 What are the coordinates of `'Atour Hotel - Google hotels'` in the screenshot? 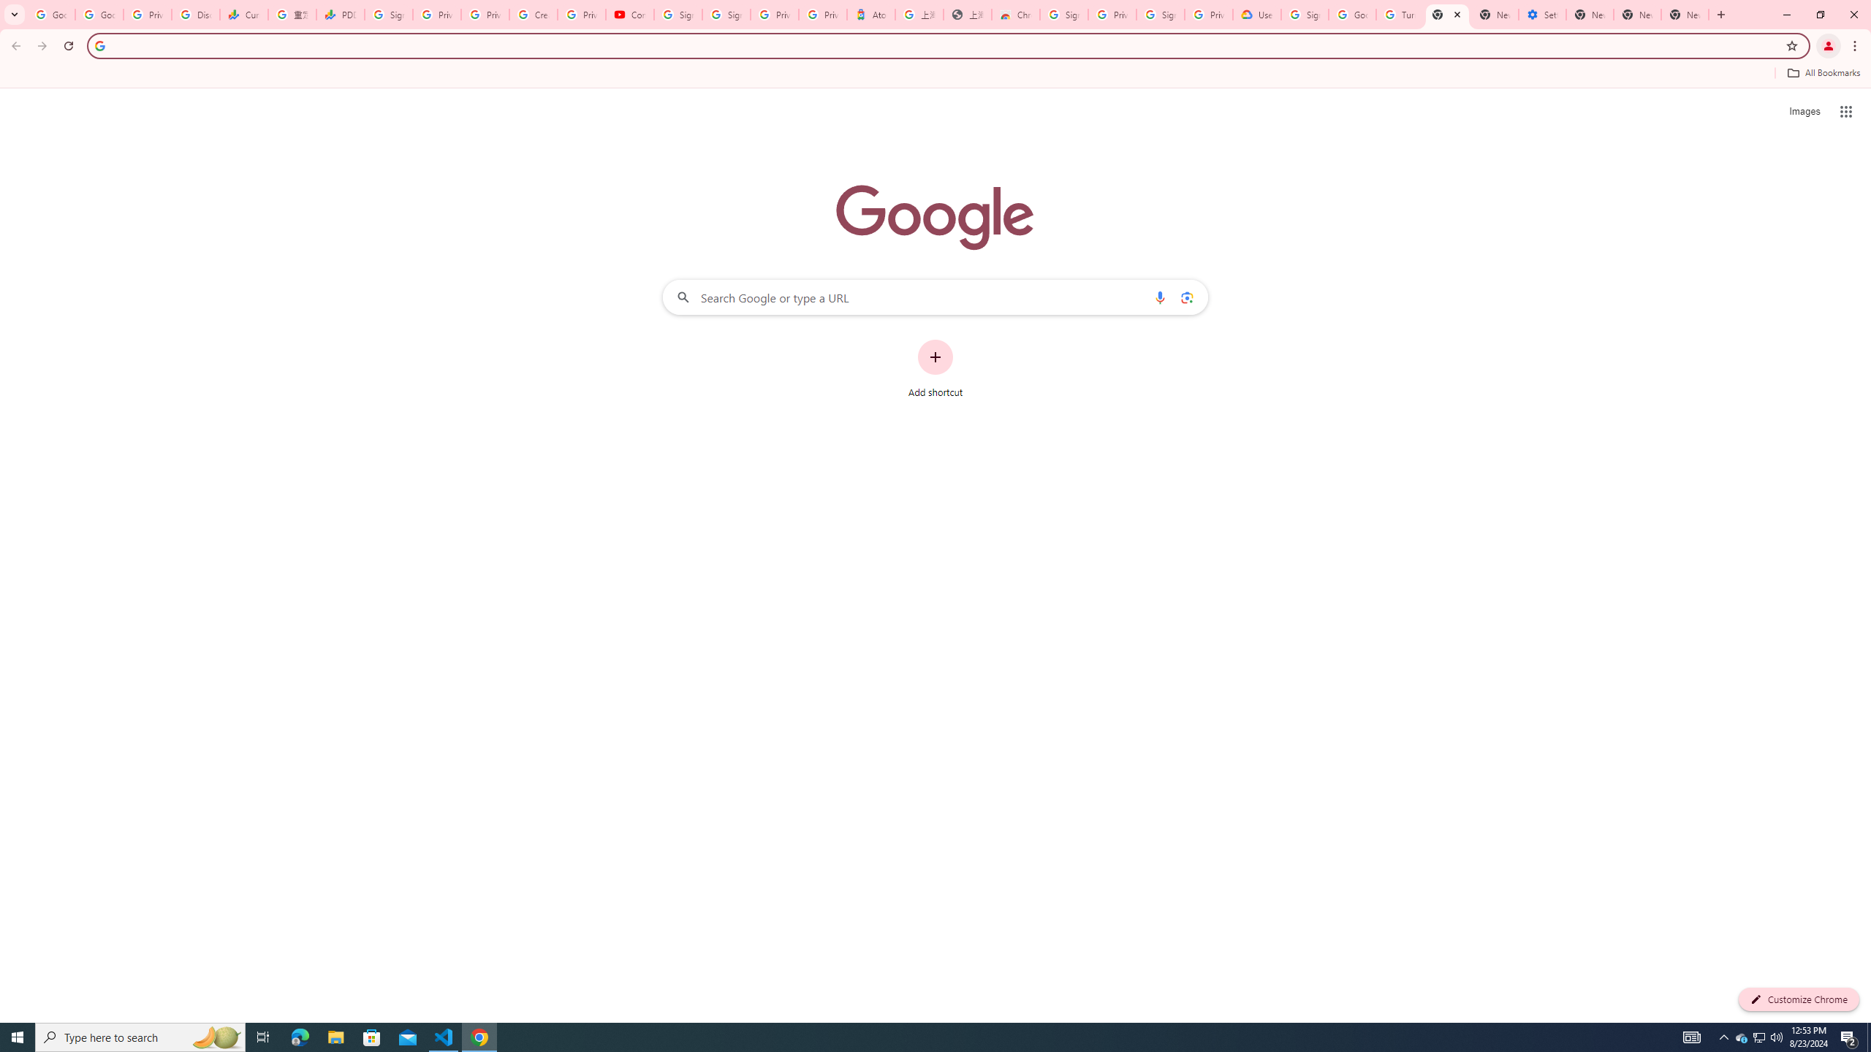 It's located at (870, 14).